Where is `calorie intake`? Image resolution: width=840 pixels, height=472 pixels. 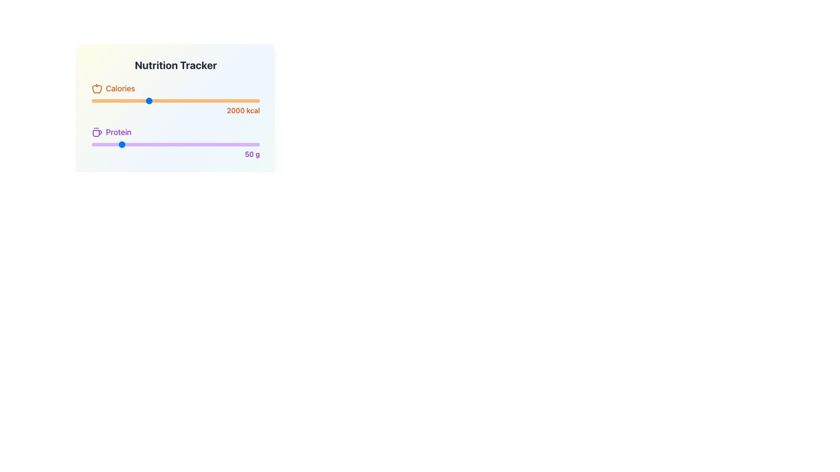 calorie intake is located at coordinates (259, 99).